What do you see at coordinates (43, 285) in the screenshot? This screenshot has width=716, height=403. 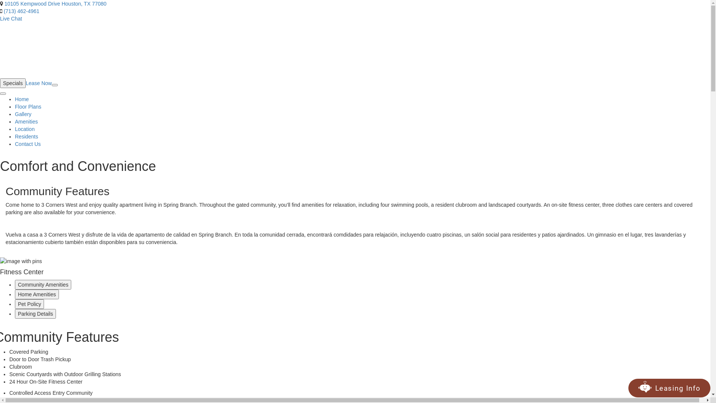 I see `'Community Amenities'` at bounding box center [43, 285].